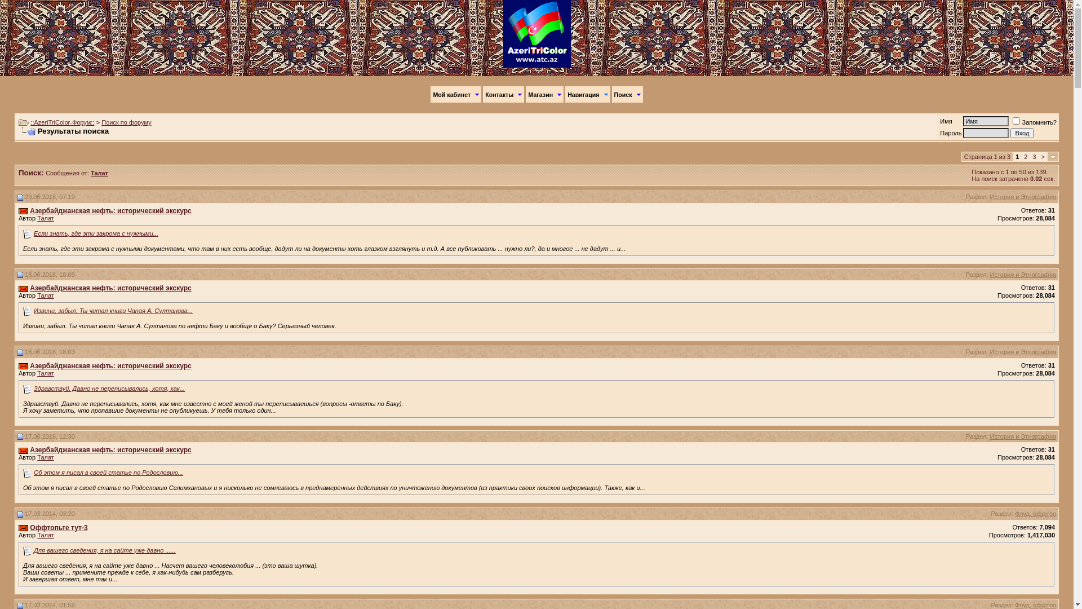 This screenshot has height=609, width=1082. What do you see at coordinates (1025, 156) in the screenshot?
I see `'2'` at bounding box center [1025, 156].